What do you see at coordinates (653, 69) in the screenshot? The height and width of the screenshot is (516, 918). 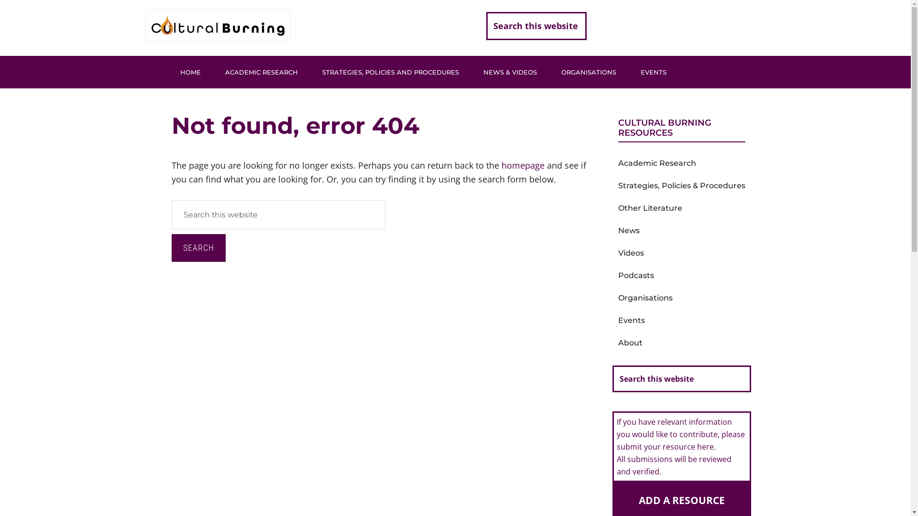 I see `'EVENTS'` at bounding box center [653, 69].